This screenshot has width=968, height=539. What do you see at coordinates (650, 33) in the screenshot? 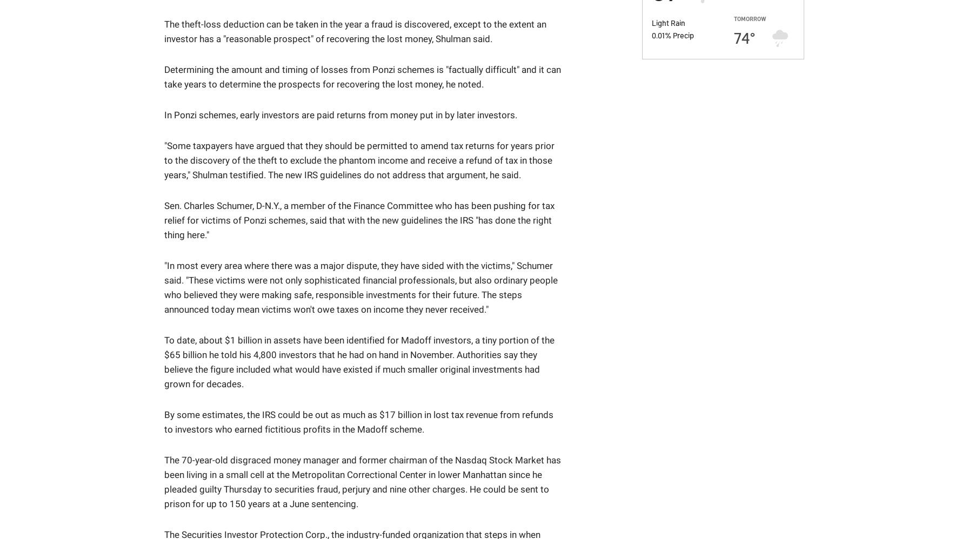
I see `'0.01'` at bounding box center [650, 33].